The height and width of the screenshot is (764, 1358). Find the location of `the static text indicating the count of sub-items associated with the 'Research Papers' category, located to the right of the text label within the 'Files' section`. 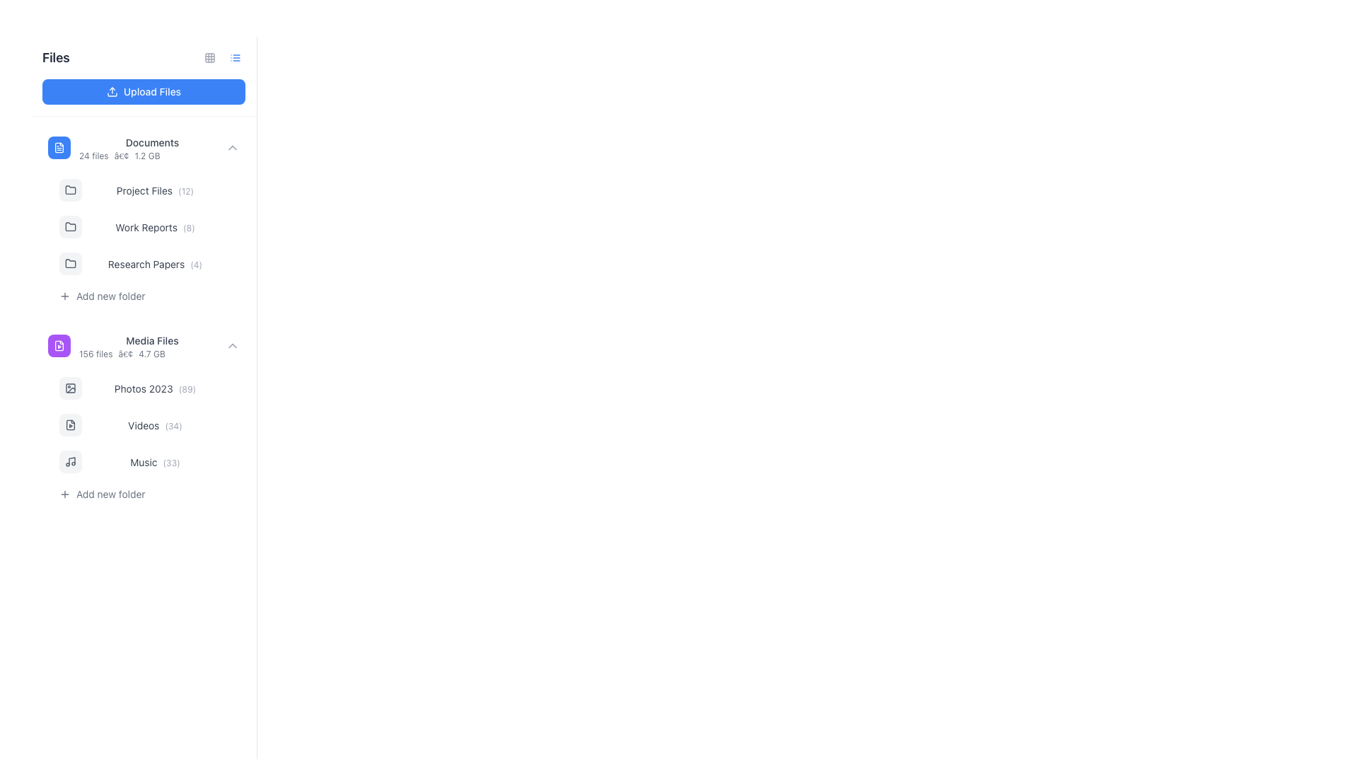

the static text indicating the count of sub-items associated with the 'Research Papers' category, located to the right of the text label within the 'Files' section is located at coordinates (195, 265).